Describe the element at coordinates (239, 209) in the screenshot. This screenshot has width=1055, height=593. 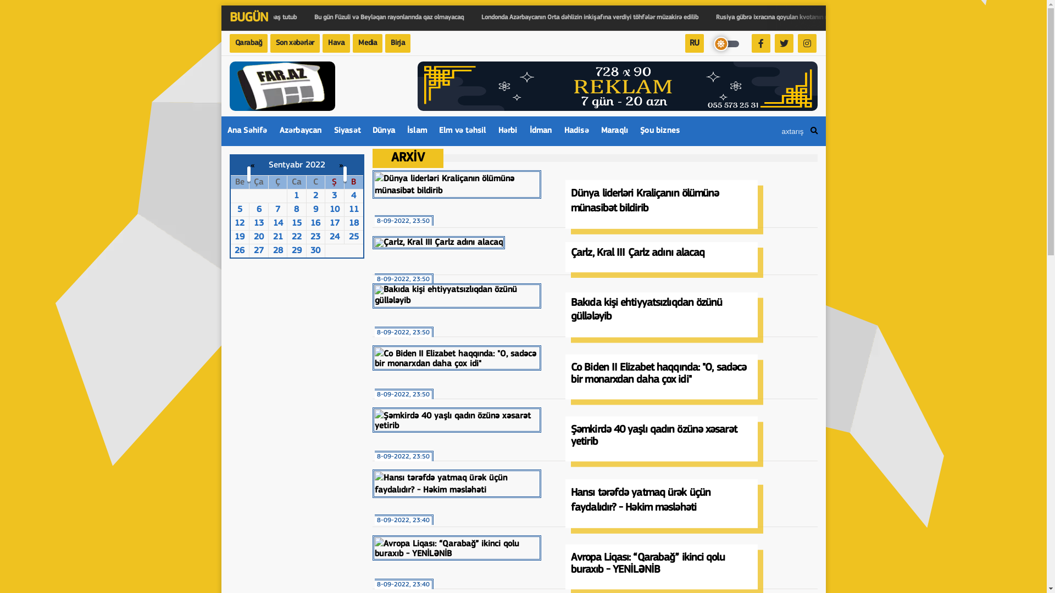
I see `'5'` at that location.